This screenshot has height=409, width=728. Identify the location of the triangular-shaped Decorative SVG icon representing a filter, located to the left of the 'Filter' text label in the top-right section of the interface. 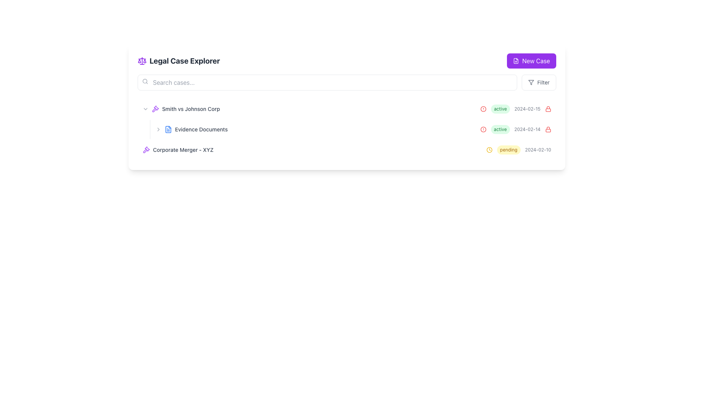
(531, 83).